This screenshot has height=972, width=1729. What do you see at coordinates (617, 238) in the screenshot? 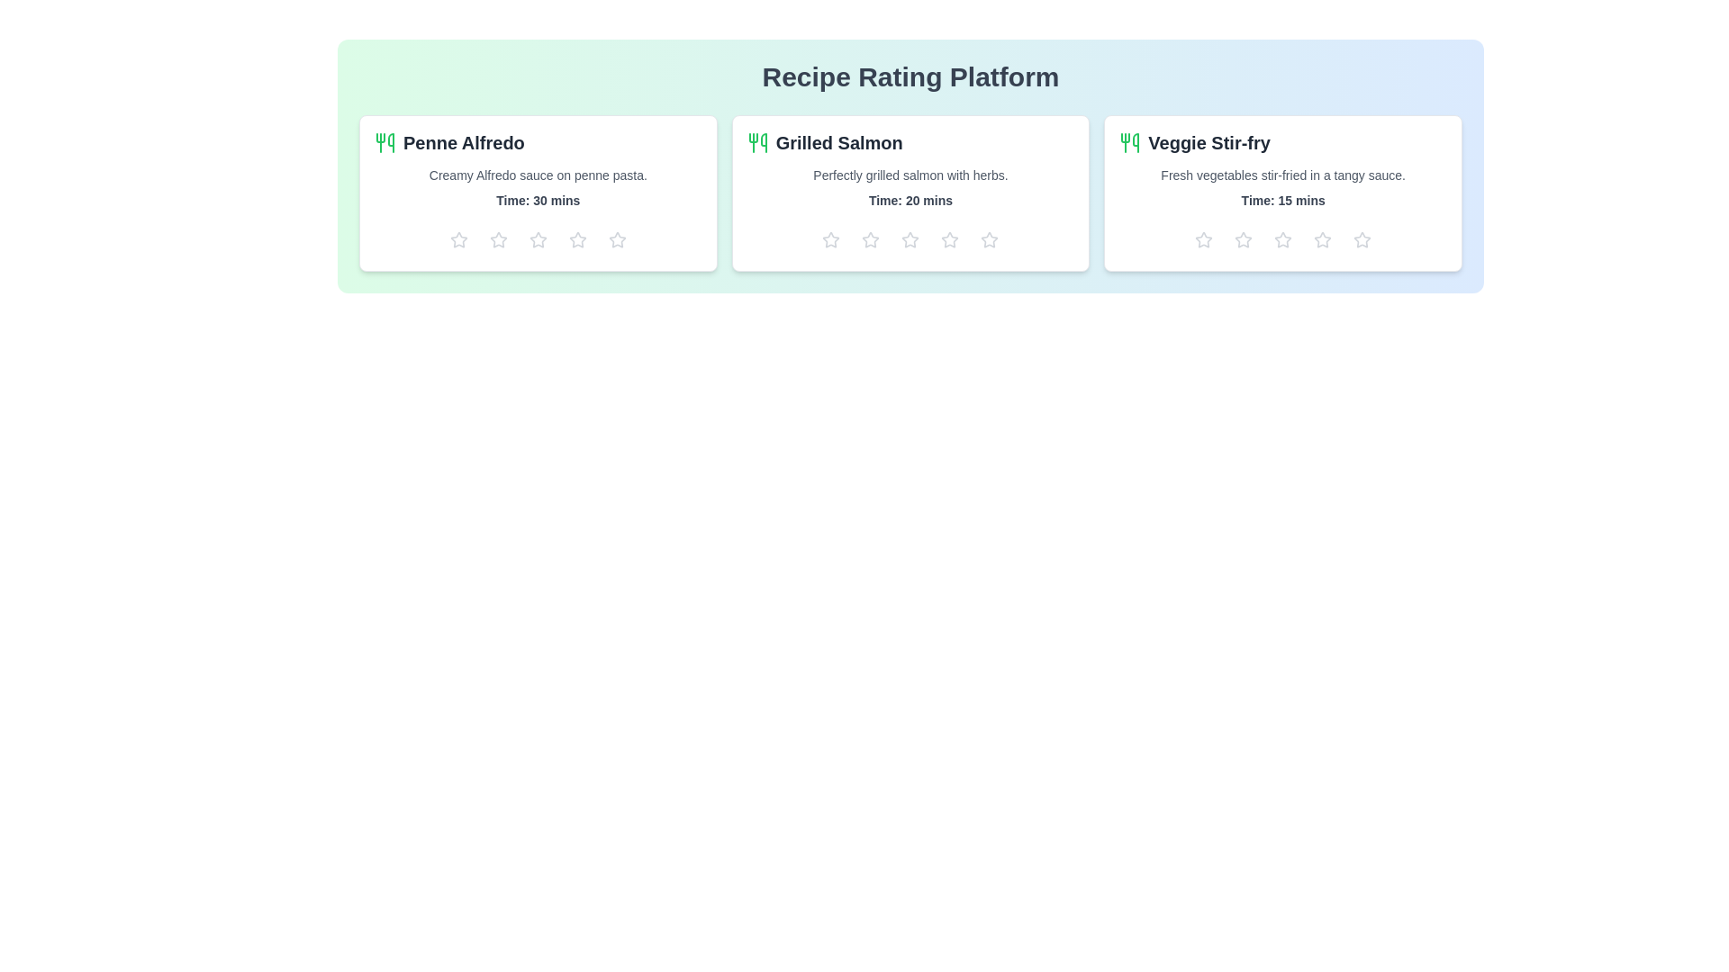
I see `the star icon to set the rating to 5 for the recipe Penne Alfredo` at bounding box center [617, 238].